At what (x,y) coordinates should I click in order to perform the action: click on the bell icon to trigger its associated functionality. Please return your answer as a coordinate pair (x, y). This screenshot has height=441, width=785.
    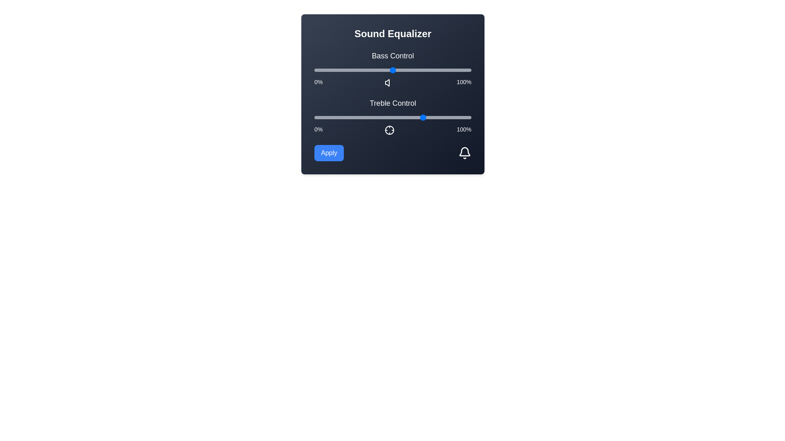
    Looking at the image, I should click on (465, 153).